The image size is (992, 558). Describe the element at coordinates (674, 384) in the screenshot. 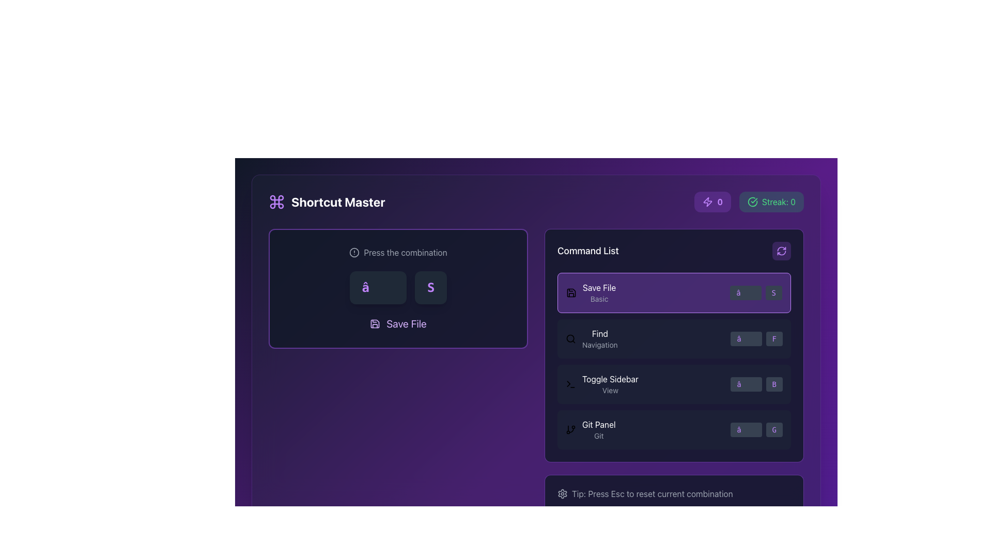

I see `the third interactive list item in the 'Command List' section` at that location.